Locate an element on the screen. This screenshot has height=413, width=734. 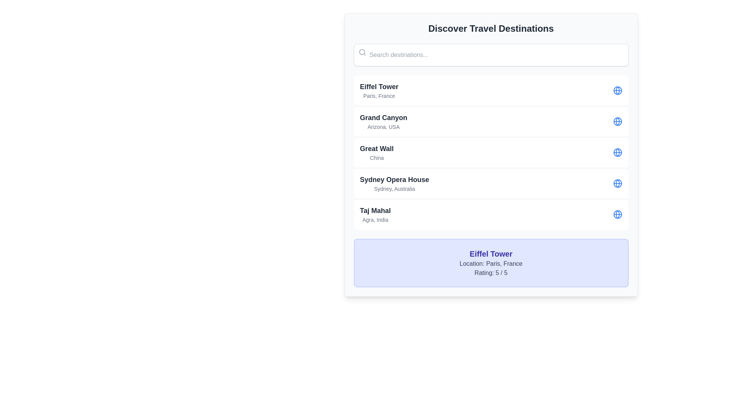
text label element that displays 'Location: Paris, France', which is styled in gray font and located below the title 'Eiffel Tower' and above the rating text within a blue background card is located at coordinates (491, 263).